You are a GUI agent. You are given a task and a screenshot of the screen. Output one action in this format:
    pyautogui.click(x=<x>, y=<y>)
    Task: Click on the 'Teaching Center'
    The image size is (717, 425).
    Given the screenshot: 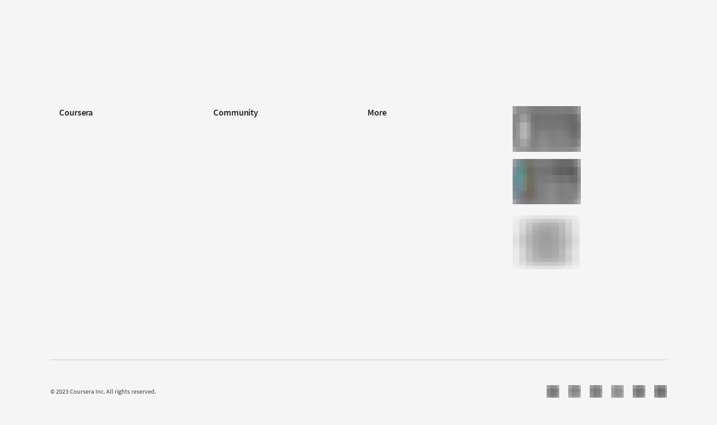 What is the action you would take?
    pyautogui.click(x=213, y=208)
    